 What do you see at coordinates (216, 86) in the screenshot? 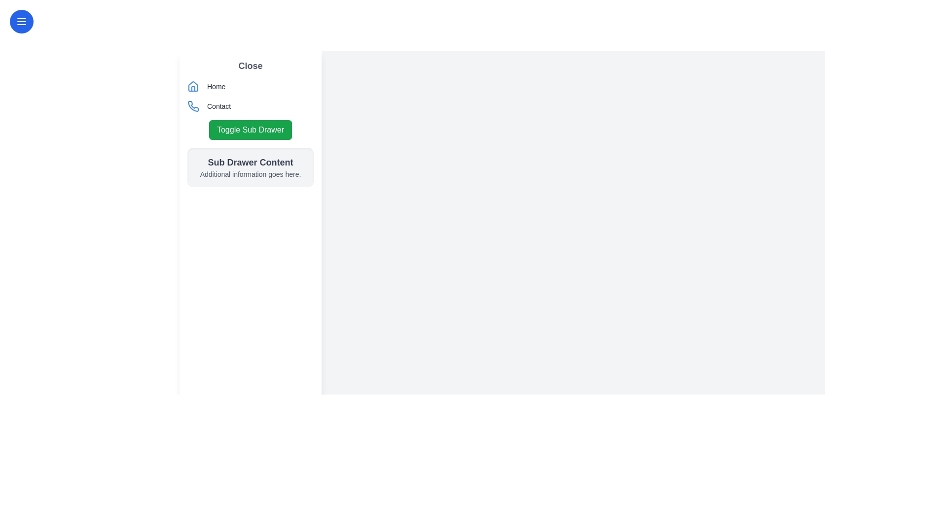
I see `the navigational label indicating the 'Home' section located to the right of the house icon in the left sidebar` at bounding box center [216, 86].